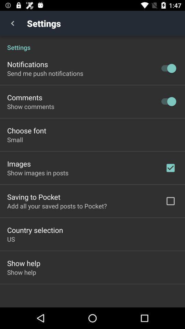  What do you see at coordinates (26, 130) in the screenshot?
I see `icon above the small` at bounding box center [26, 130].